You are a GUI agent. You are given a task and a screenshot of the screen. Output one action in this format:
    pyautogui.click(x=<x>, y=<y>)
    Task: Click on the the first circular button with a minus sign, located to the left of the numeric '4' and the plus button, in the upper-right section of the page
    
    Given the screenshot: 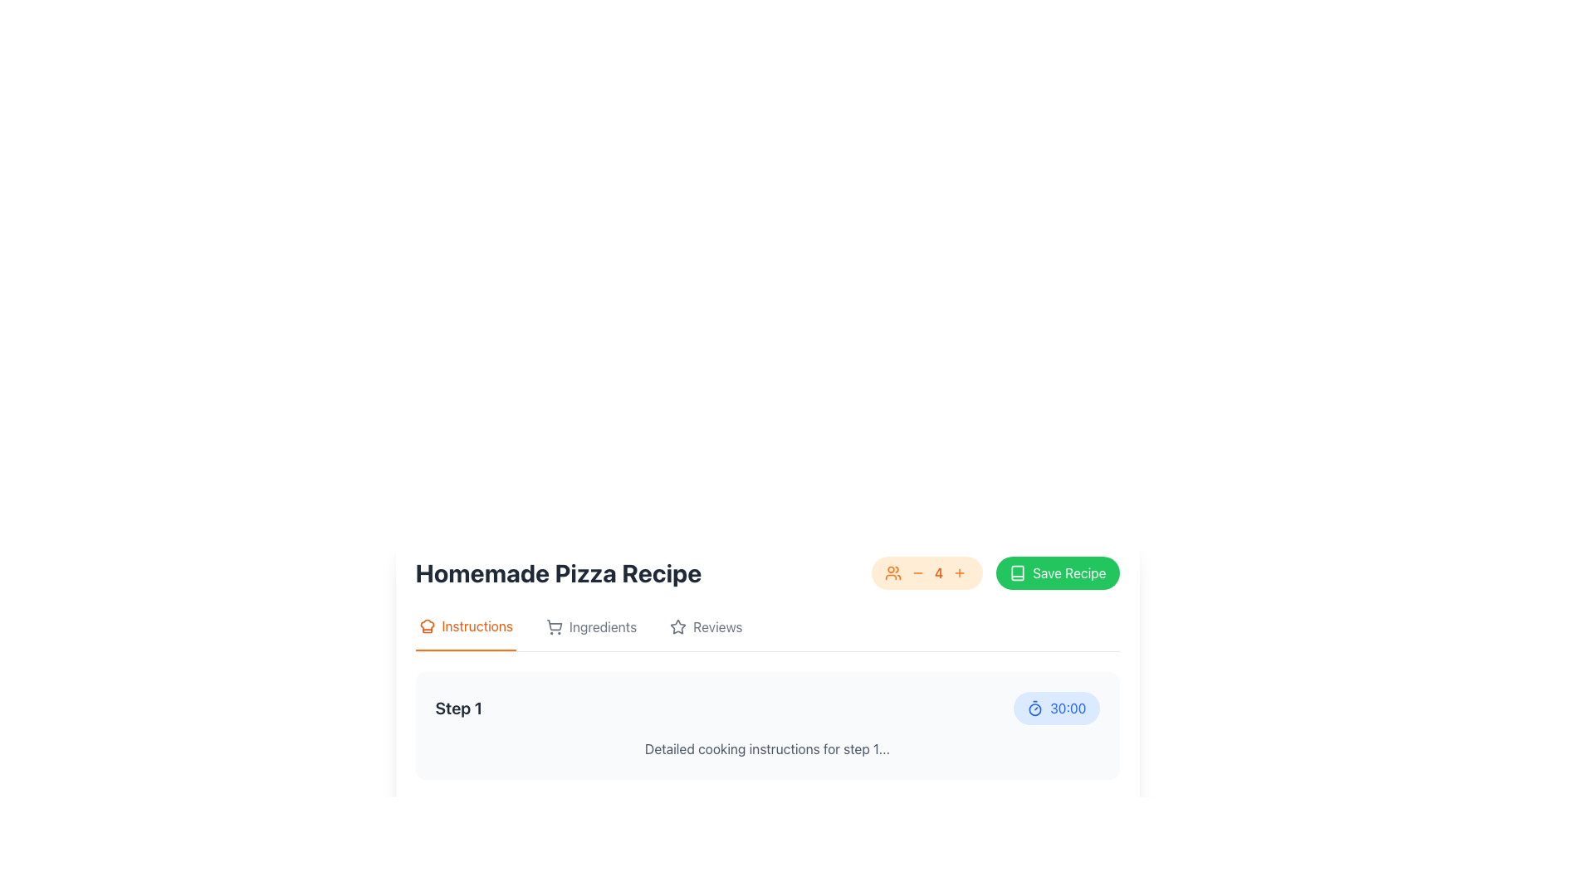 What is the action you would take?
    pyautogui.click(x=917, y=572)
    